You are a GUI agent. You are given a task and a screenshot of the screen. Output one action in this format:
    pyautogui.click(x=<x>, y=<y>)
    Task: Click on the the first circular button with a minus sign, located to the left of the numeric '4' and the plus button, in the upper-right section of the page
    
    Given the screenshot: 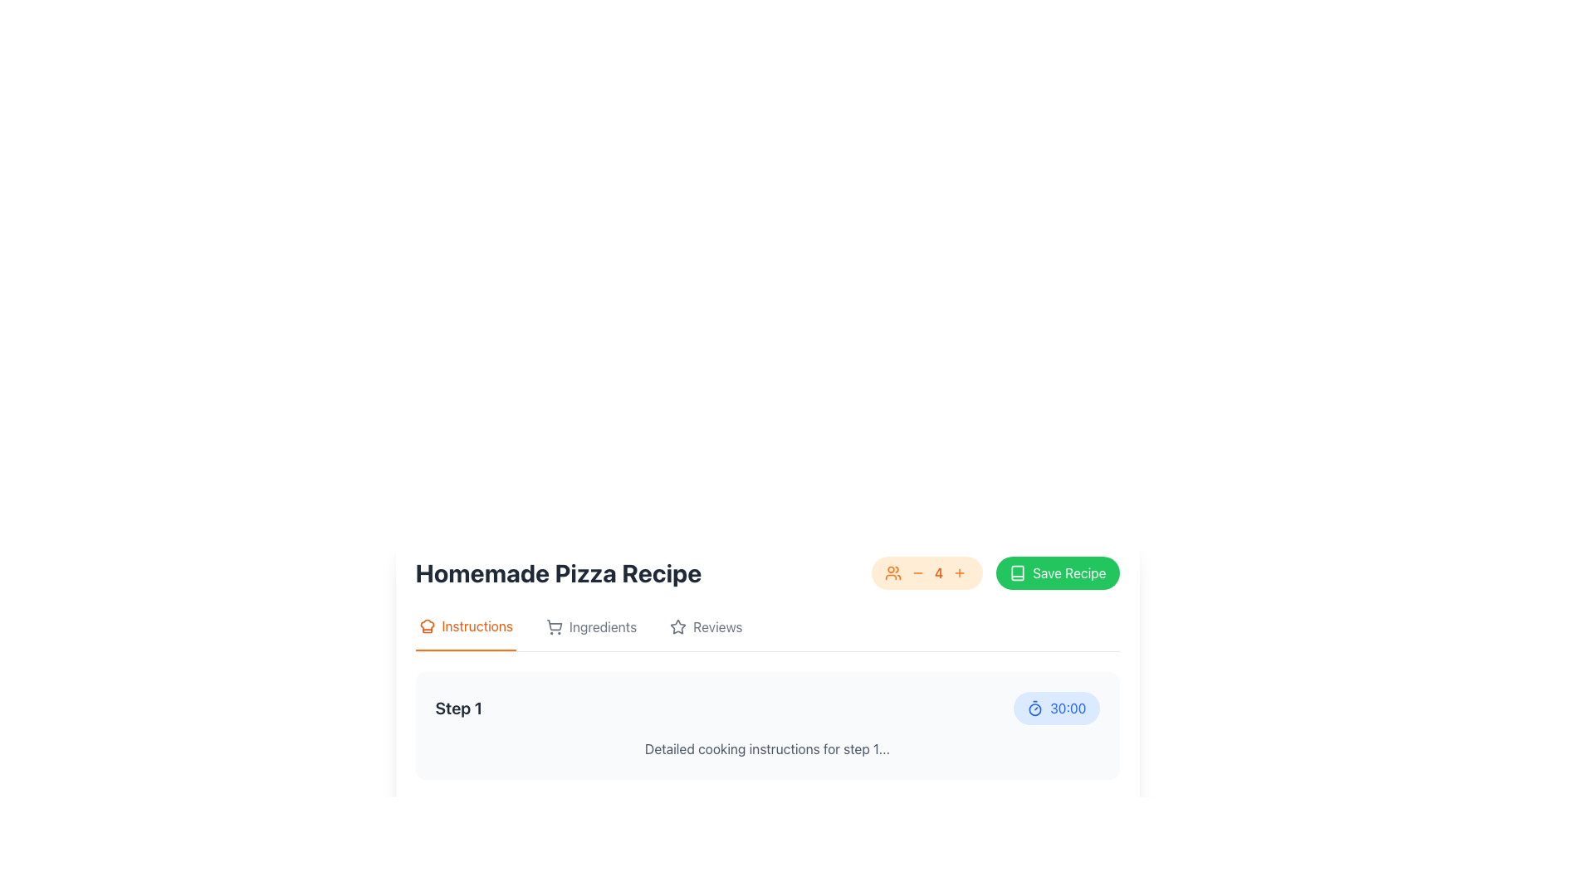 What is the action you would take?
    pyautogui.click(x=917, y=572)
    